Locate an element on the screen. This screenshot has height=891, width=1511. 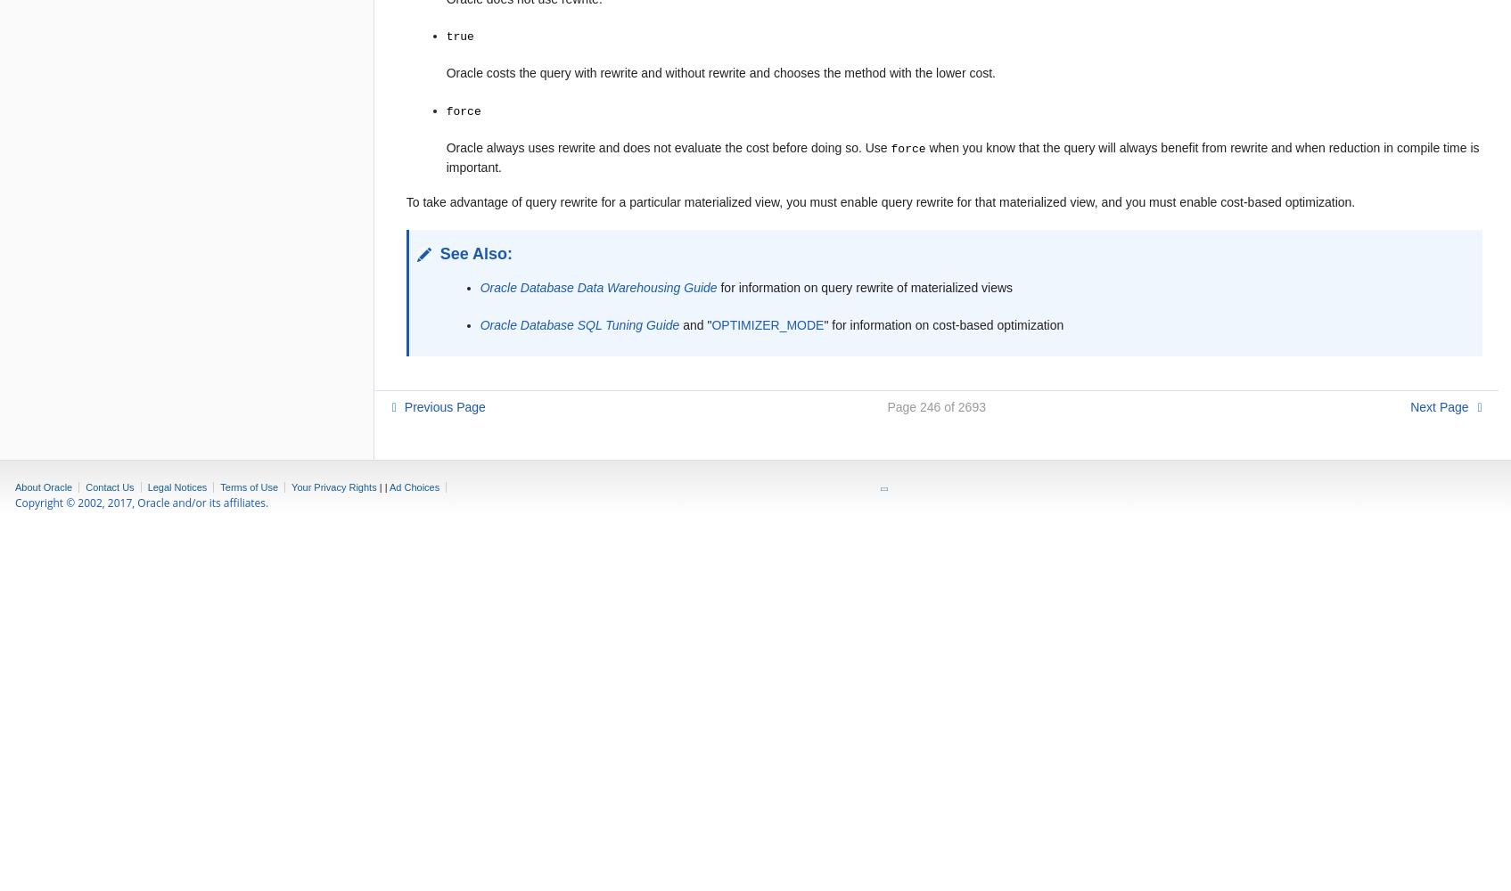
'and' is located at coordinates (692, 323).